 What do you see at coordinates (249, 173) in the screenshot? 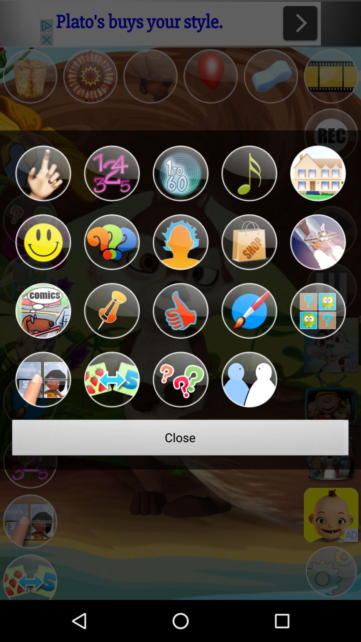
I see `open music app` at bounding box center [249, 173].